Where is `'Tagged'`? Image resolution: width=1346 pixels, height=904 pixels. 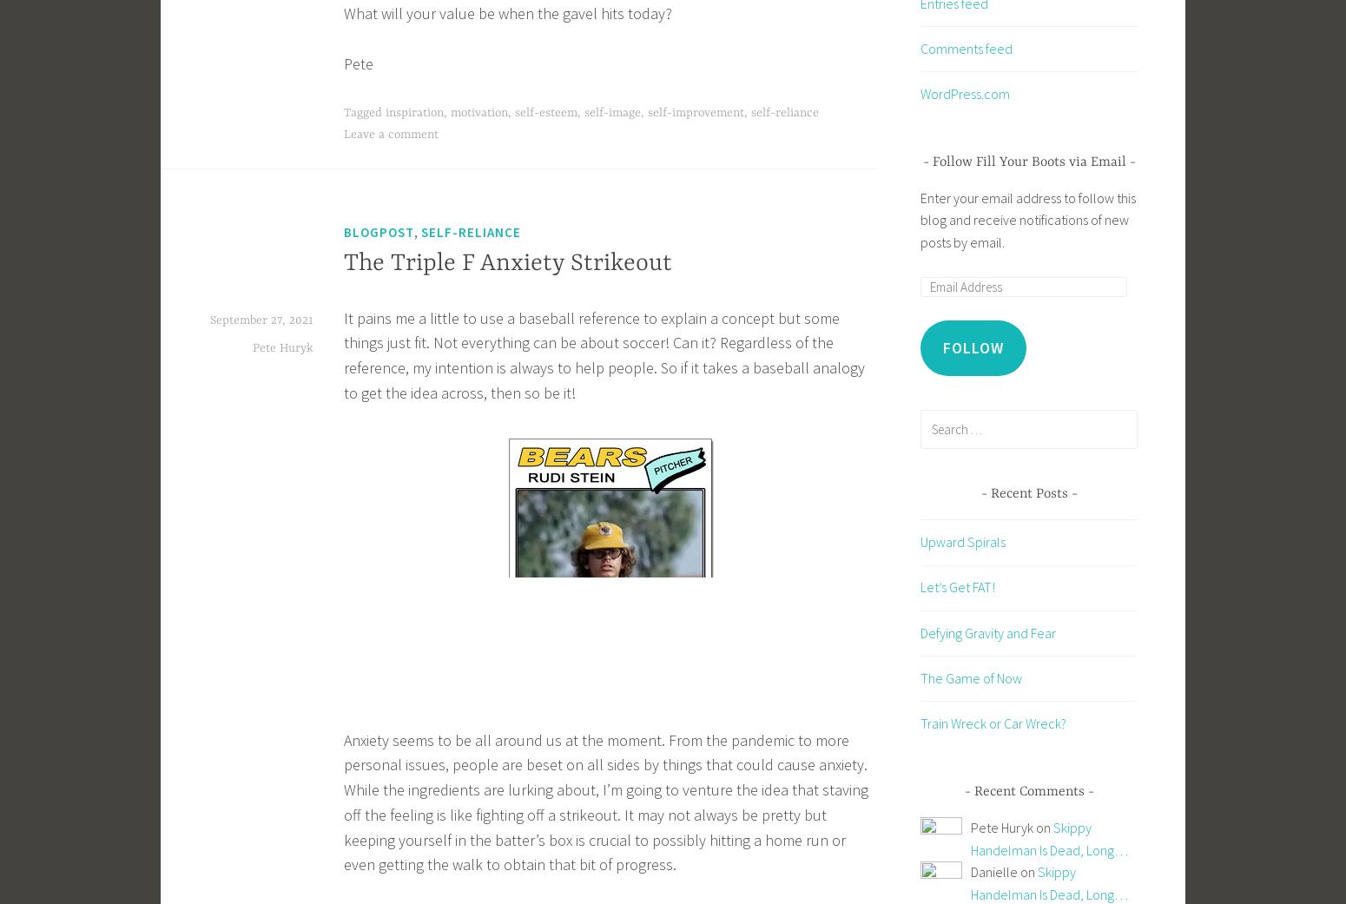
'Tagged' is located at coordinates (365, 111).